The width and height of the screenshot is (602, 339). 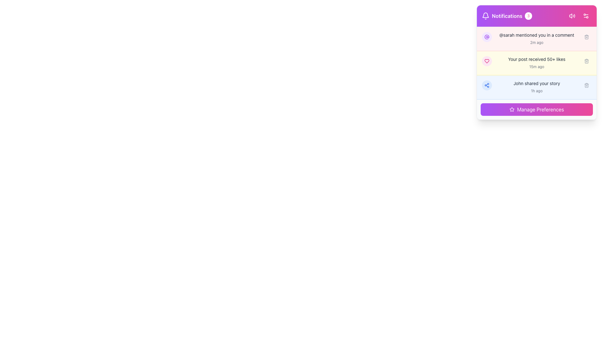 What do you see at coordinates (536, 67) in the screenshot?
I see `timestamp displayed as '15m ago' in the small gray font located in the bottom-right corner of the third notification card, next to the content 'Your post received 50+ likes'` at bounding box center [536, 67].